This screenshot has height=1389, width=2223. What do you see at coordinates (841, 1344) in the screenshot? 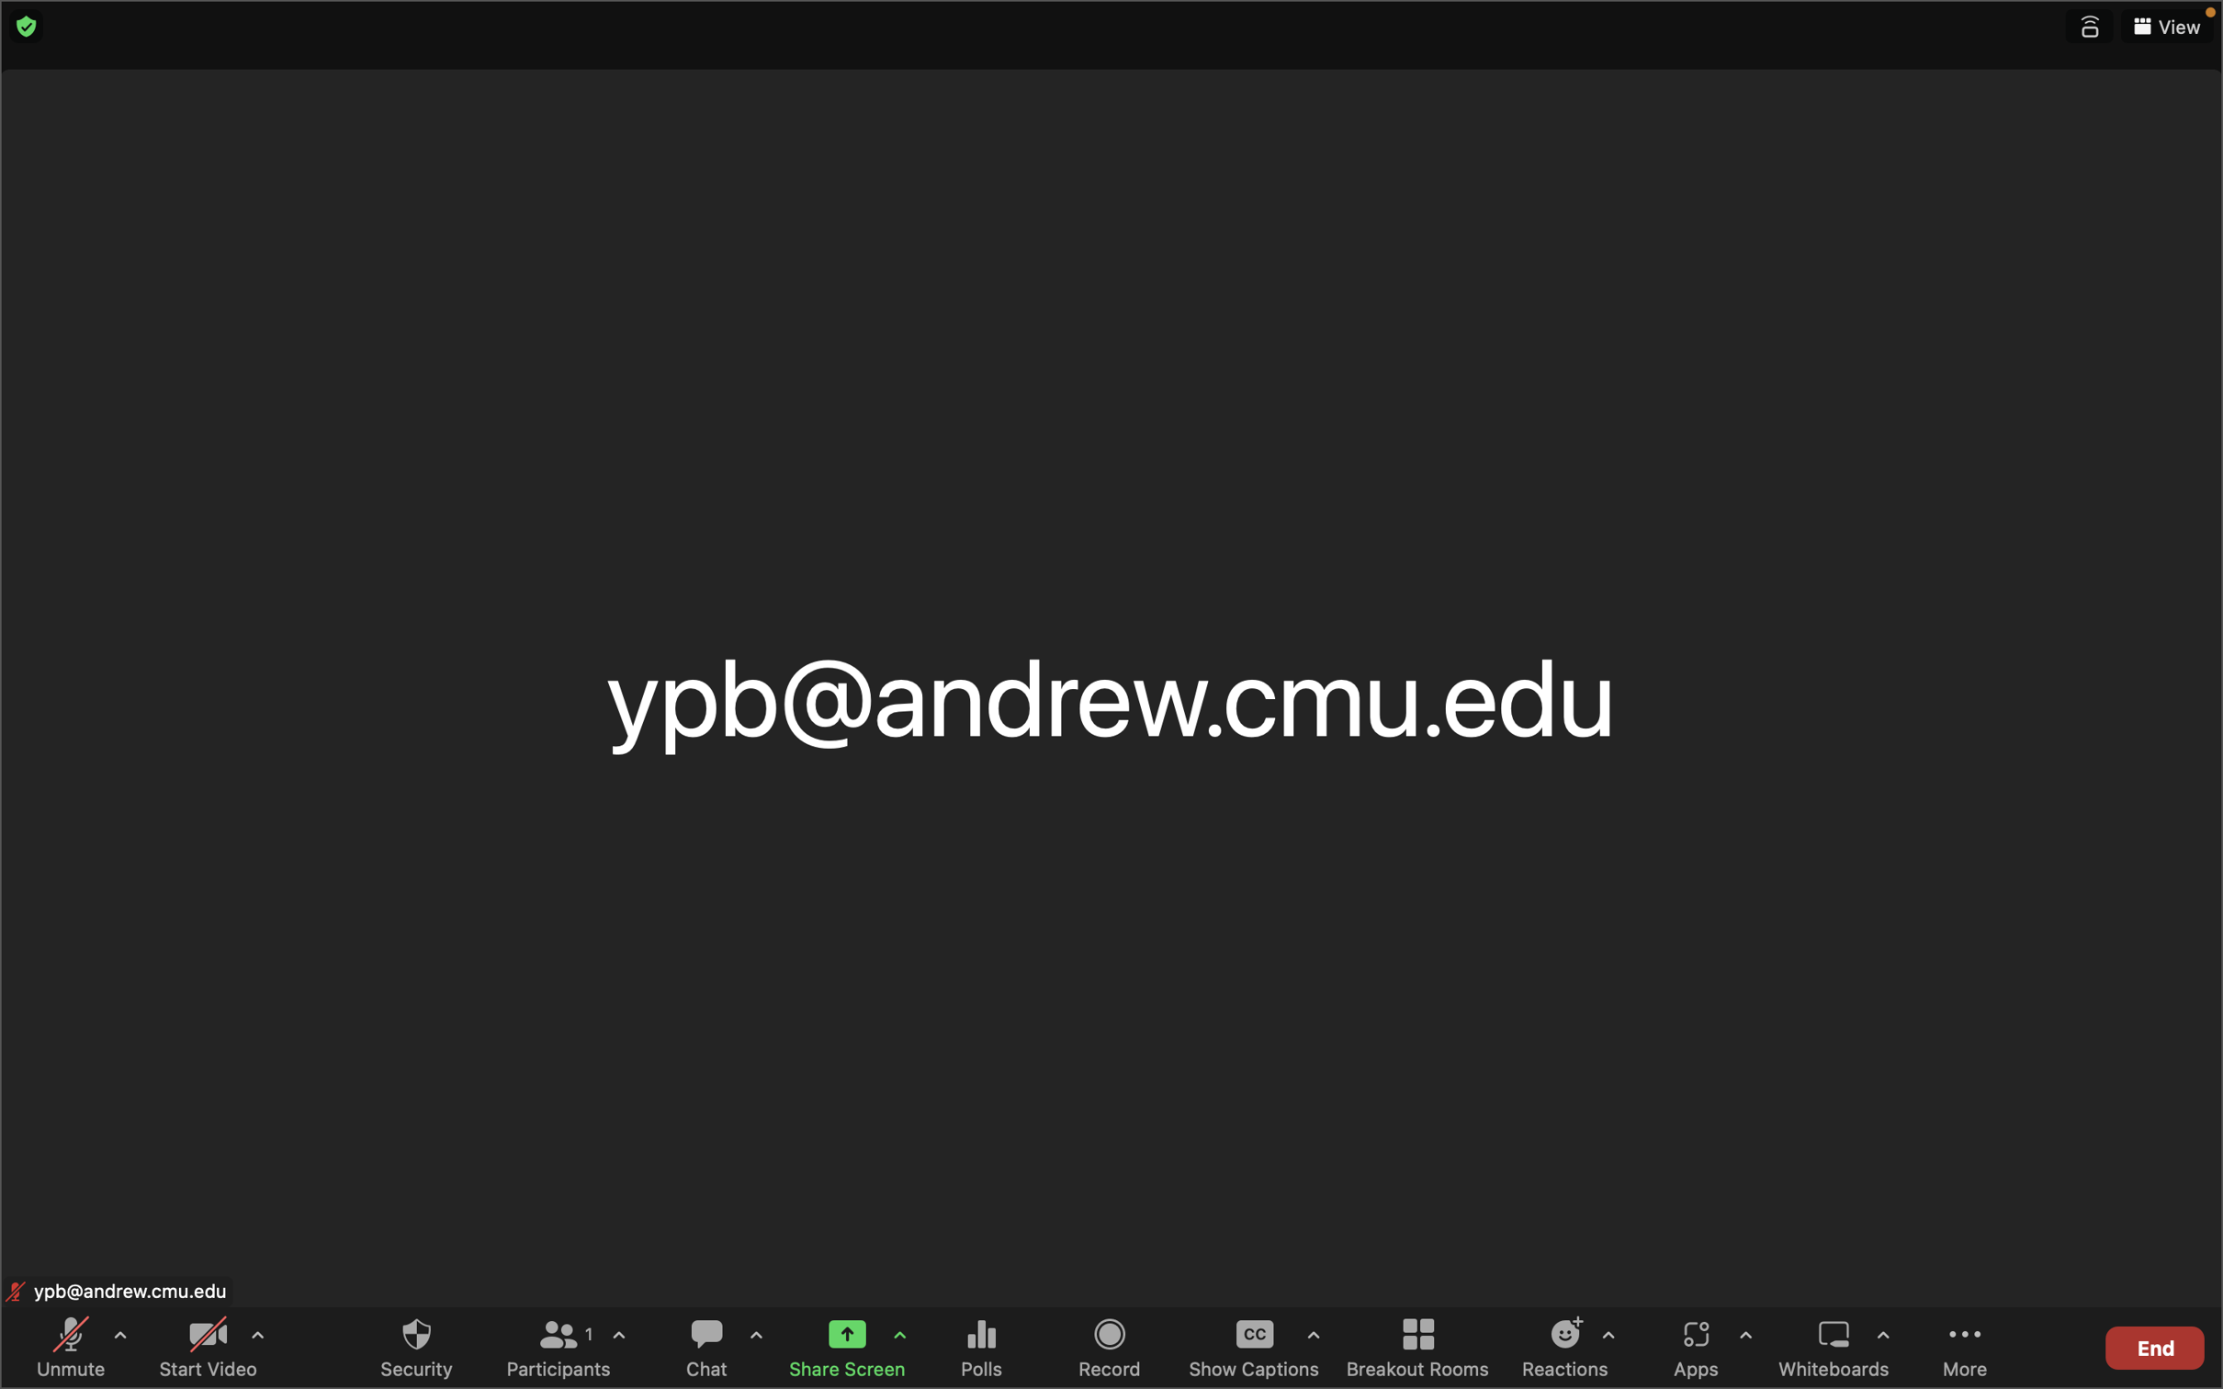
I see `Begin screen sharing` at bounding box center [841, 1344].